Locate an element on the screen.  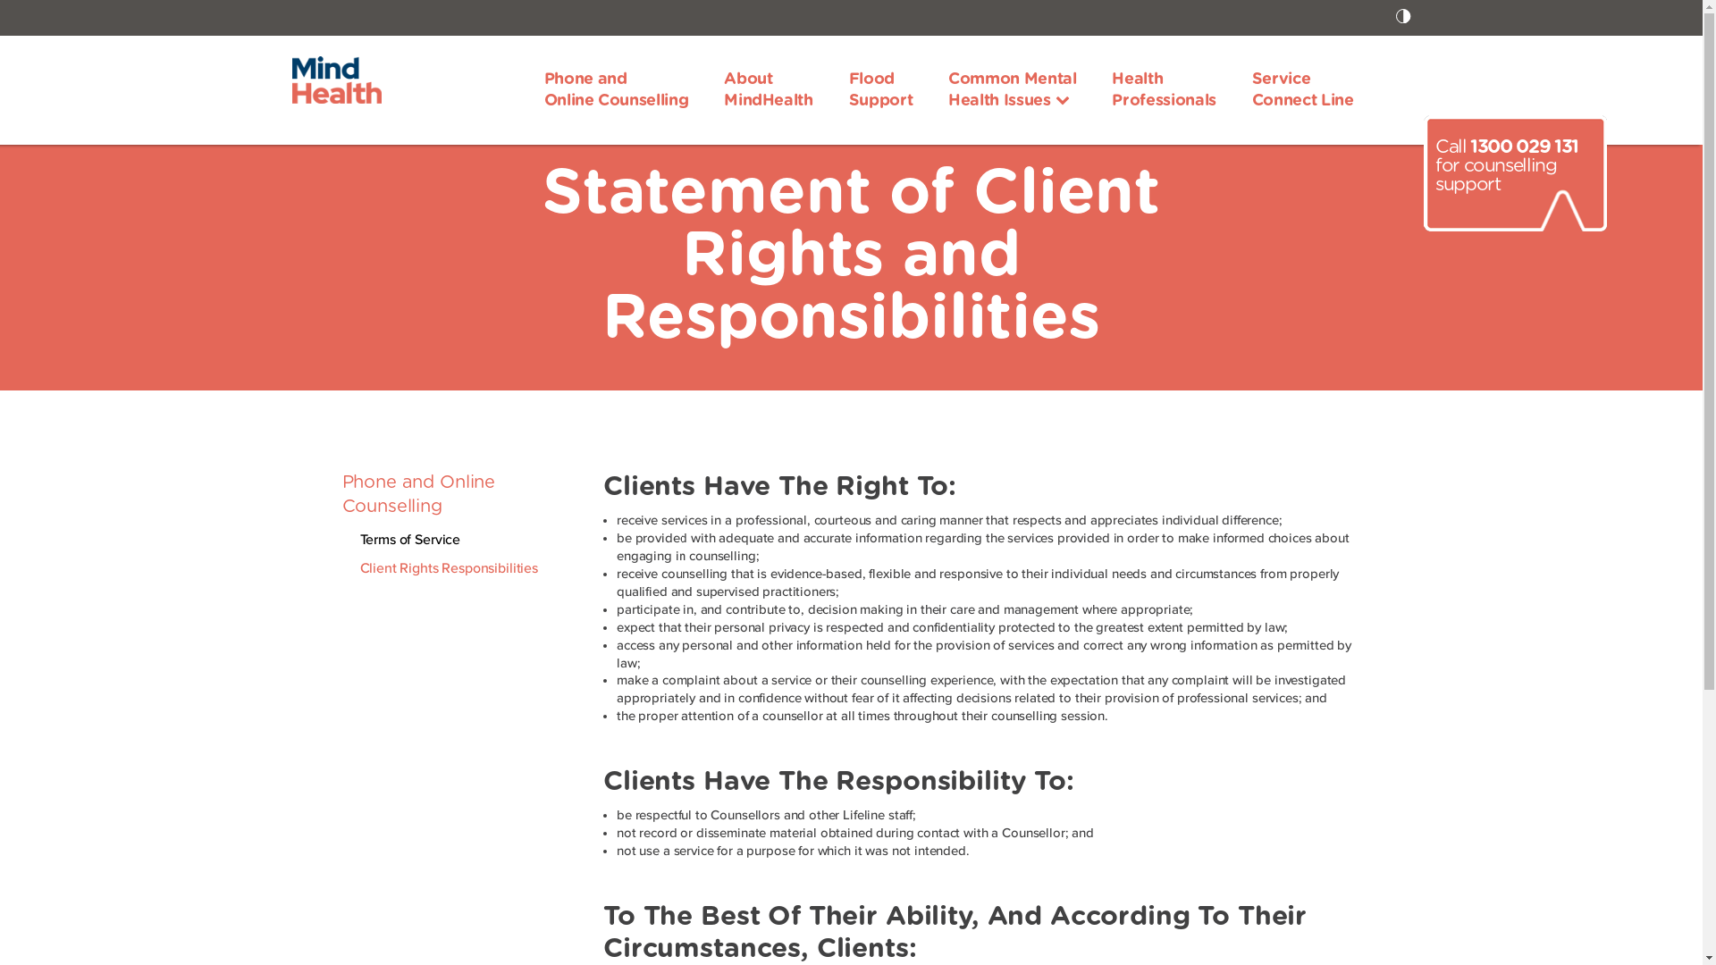
'1300 029 131' is located at coordinates (1523, 146).